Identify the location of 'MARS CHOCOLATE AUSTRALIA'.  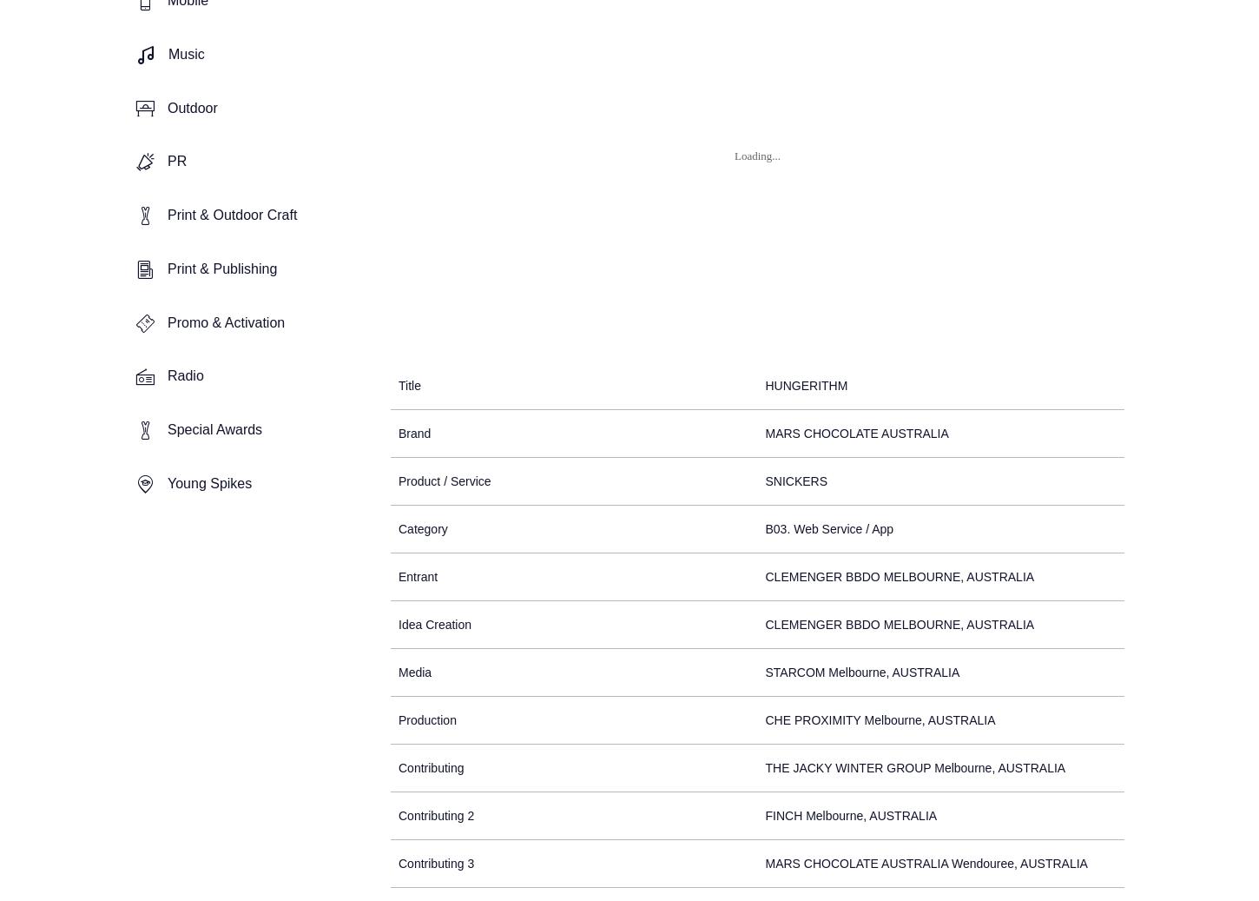
(764, 431).